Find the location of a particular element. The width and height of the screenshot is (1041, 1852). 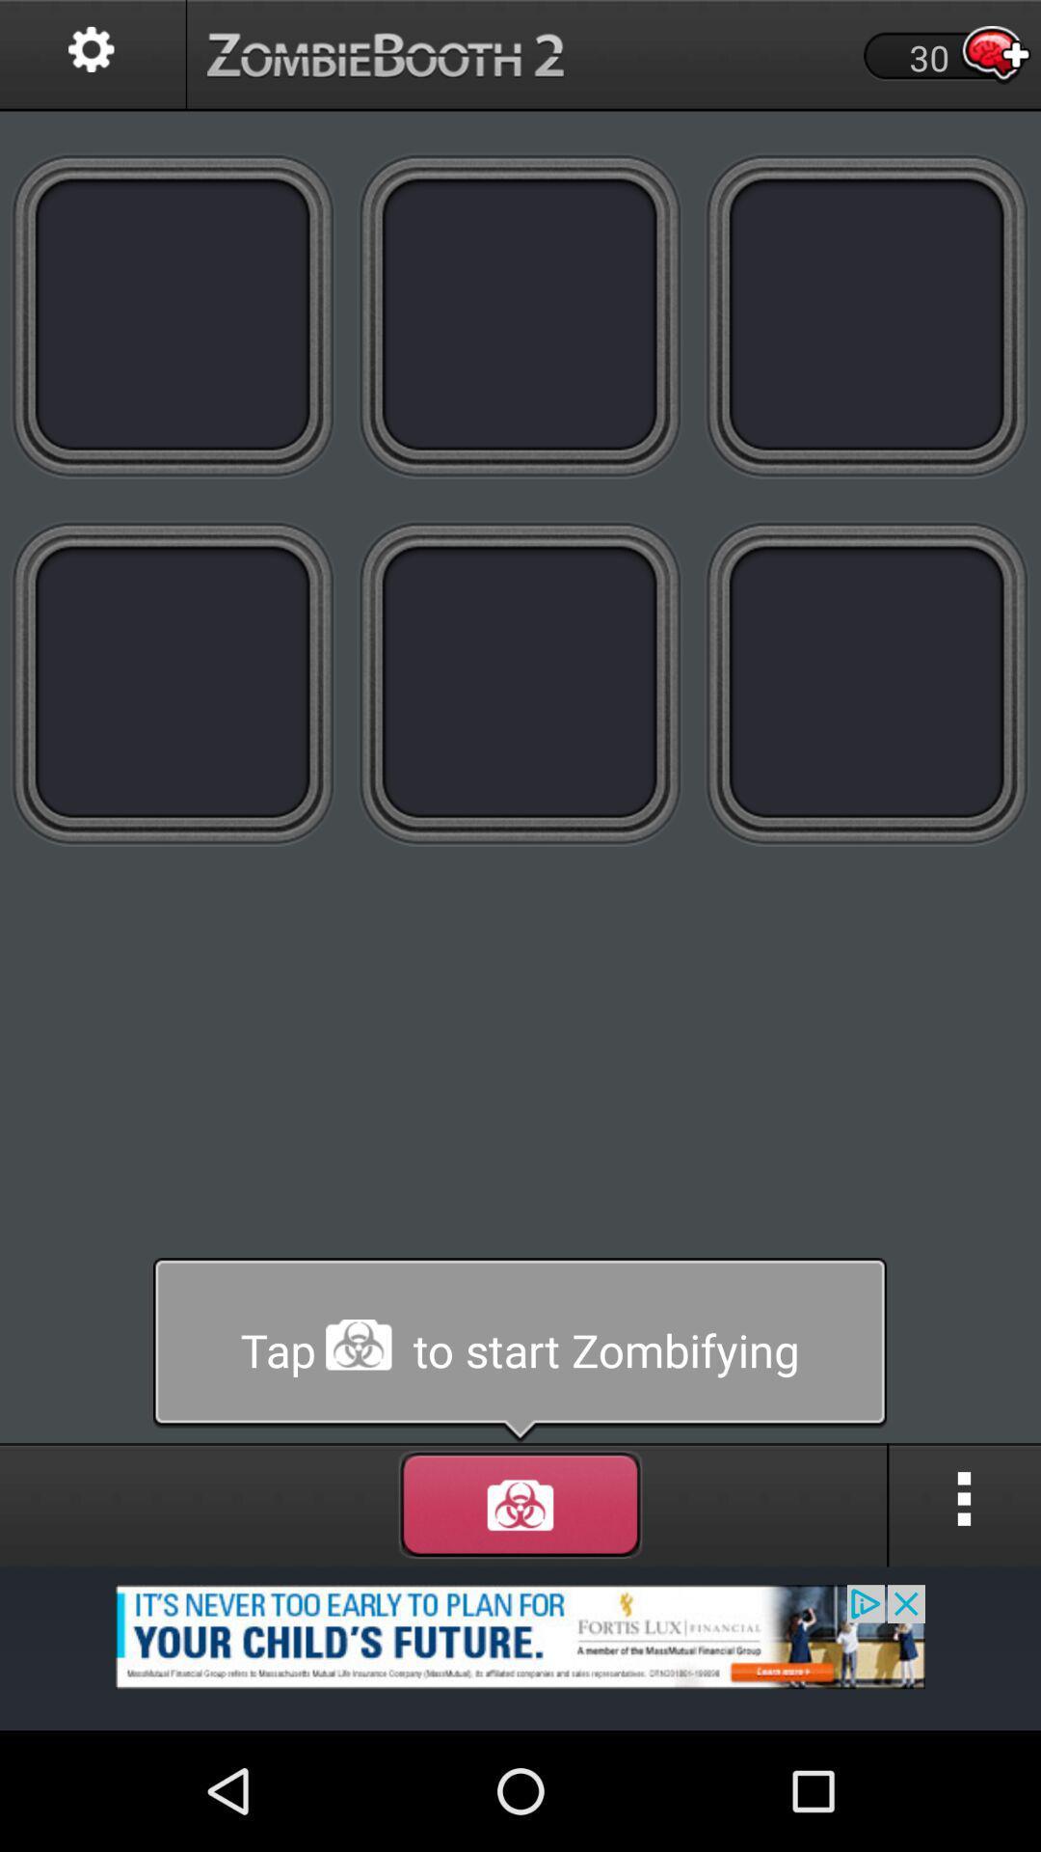

the second image in the first row from the top of the page is located at coordinates (520, 315).